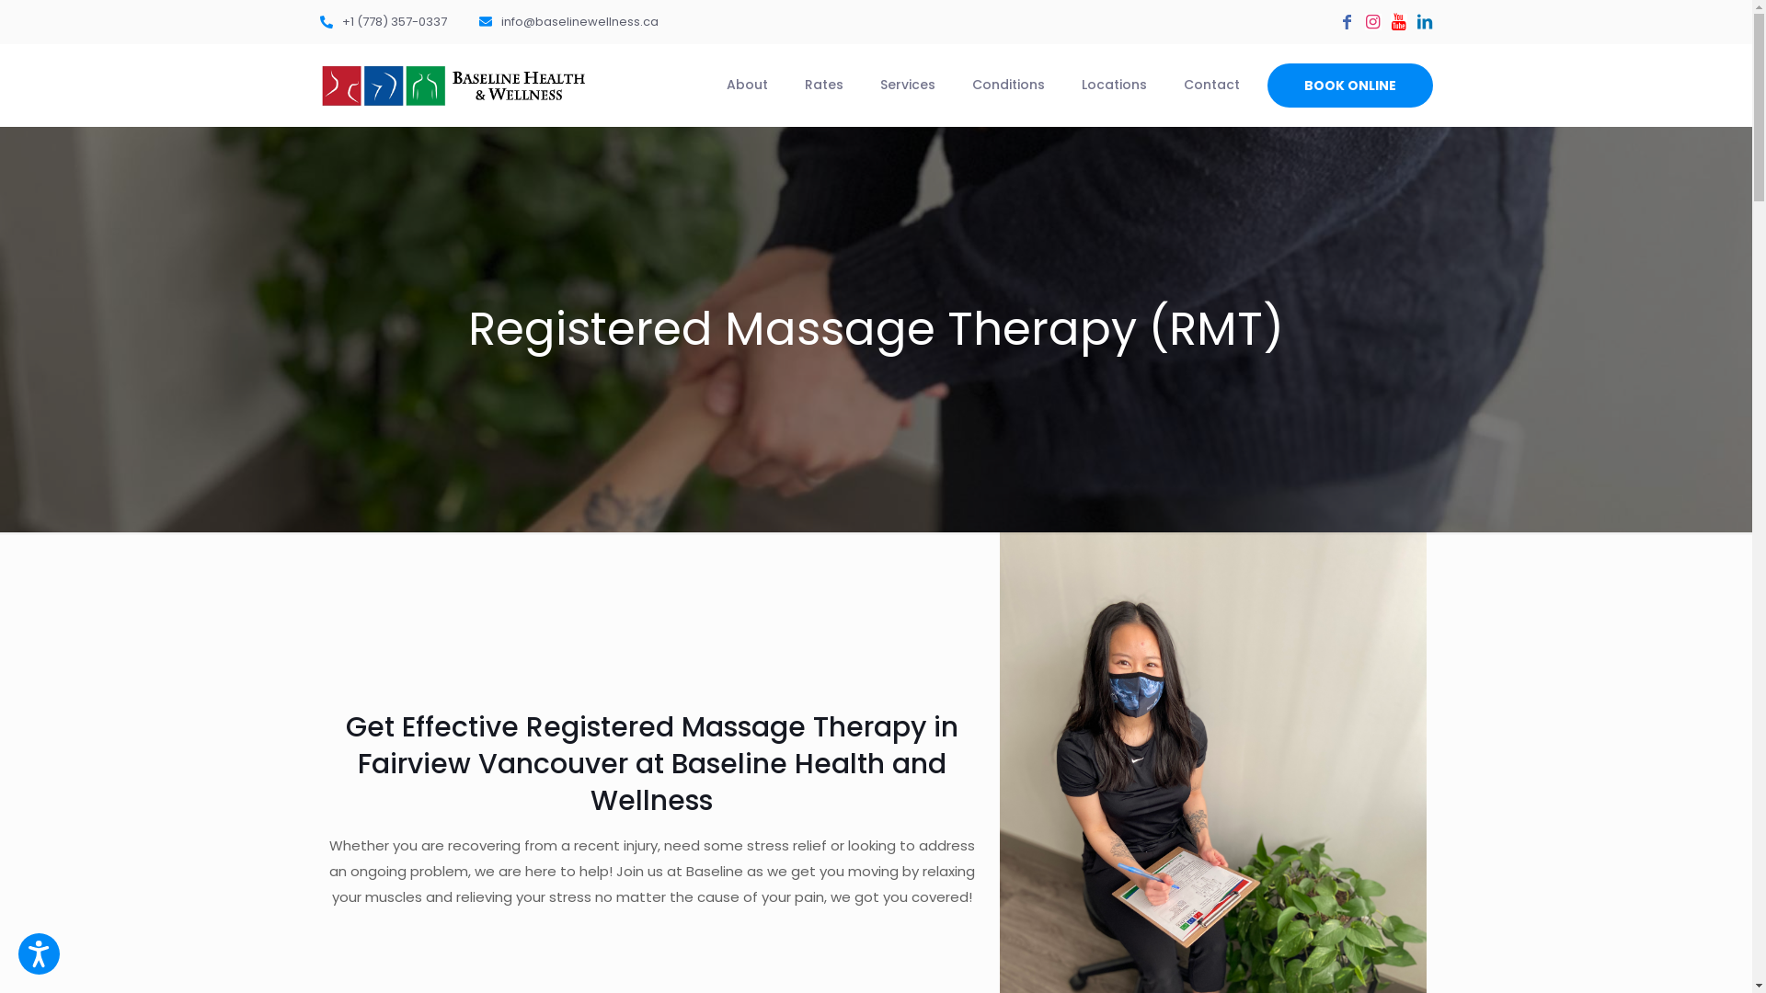 This screenshot has width=1766, height=993. Describe the element at coordinates (1210, 85) in the screenshot. I see `'Contact'` at that location.